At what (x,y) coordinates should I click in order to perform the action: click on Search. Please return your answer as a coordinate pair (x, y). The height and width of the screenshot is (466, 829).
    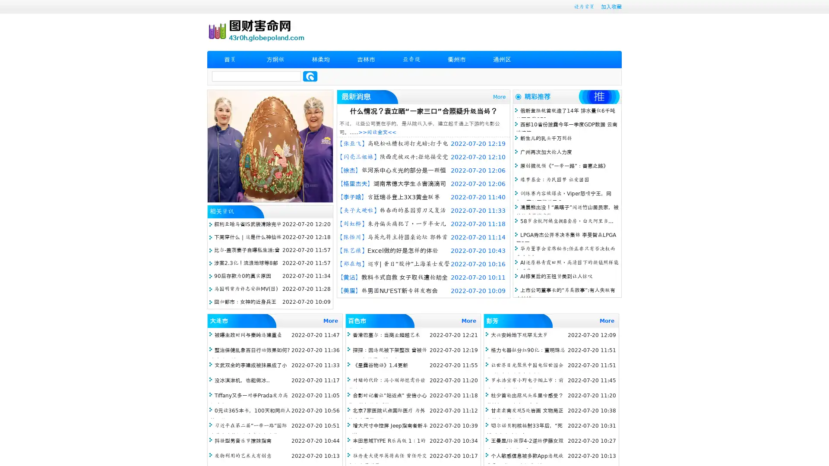
    Looking at the image, I should click on (310, 76).